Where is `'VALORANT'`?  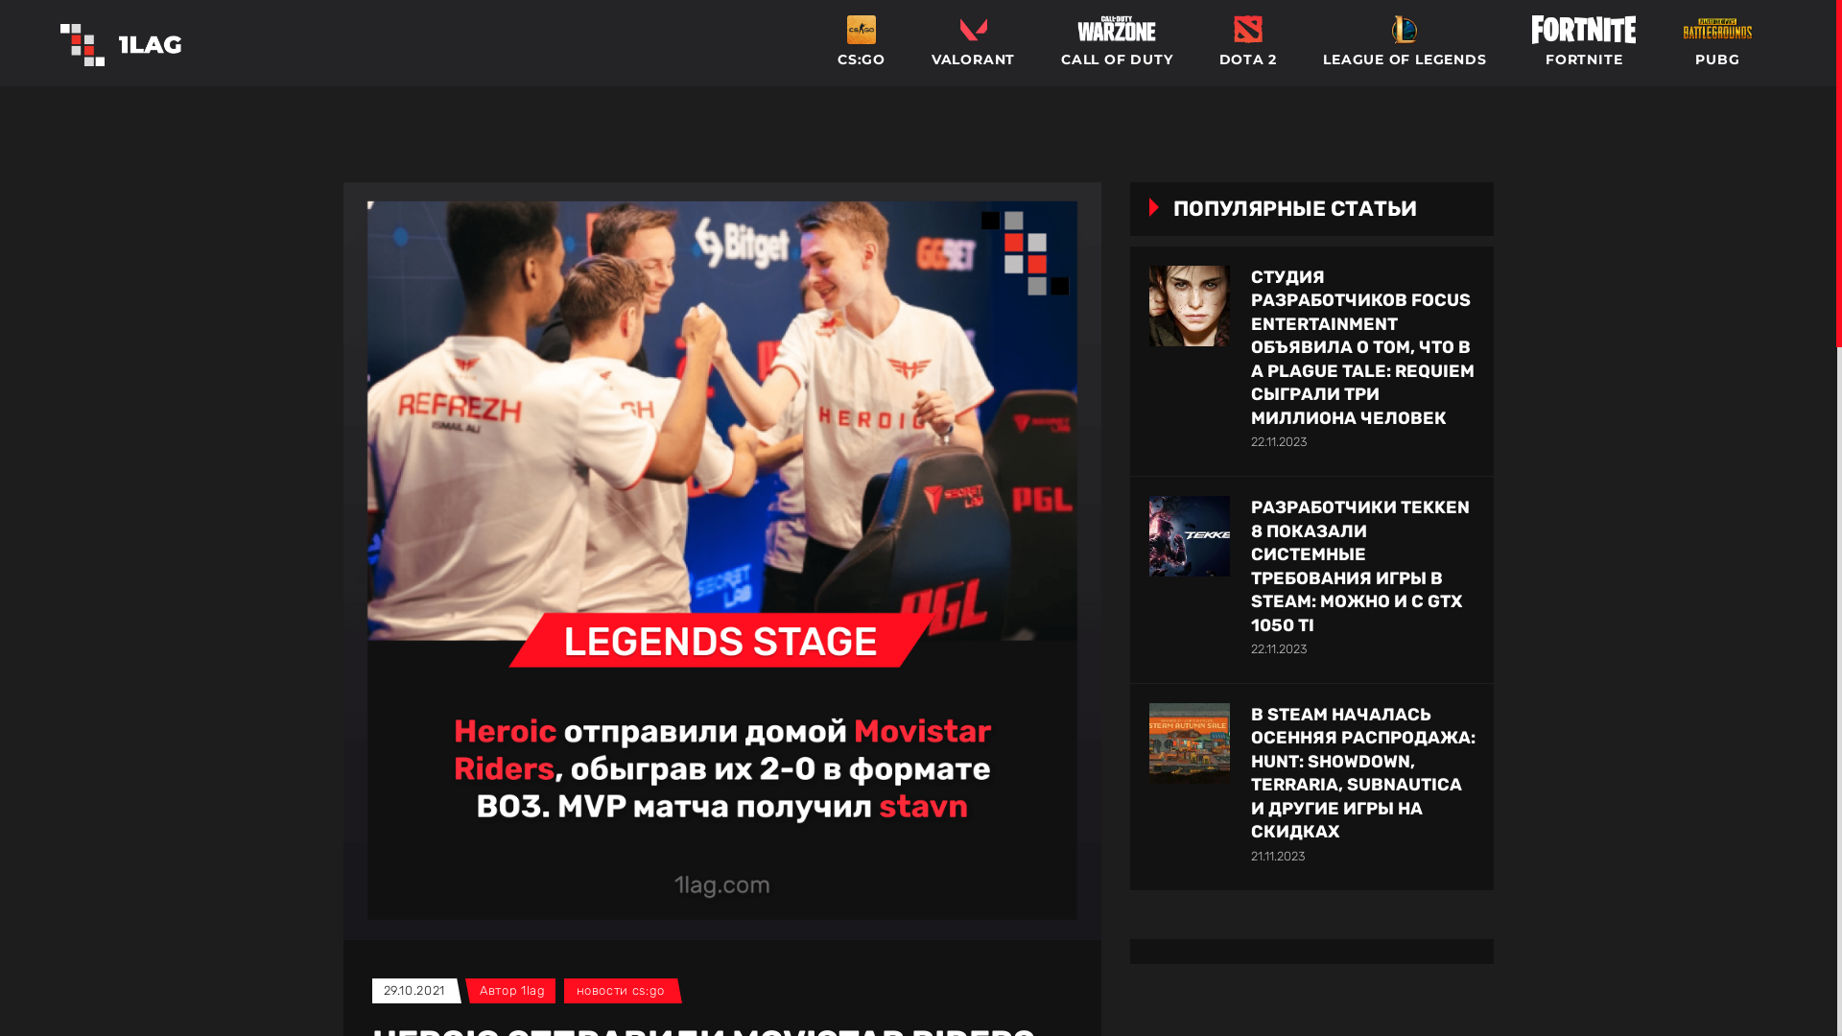 'VALORANT' is located at coordinates (973, 43).